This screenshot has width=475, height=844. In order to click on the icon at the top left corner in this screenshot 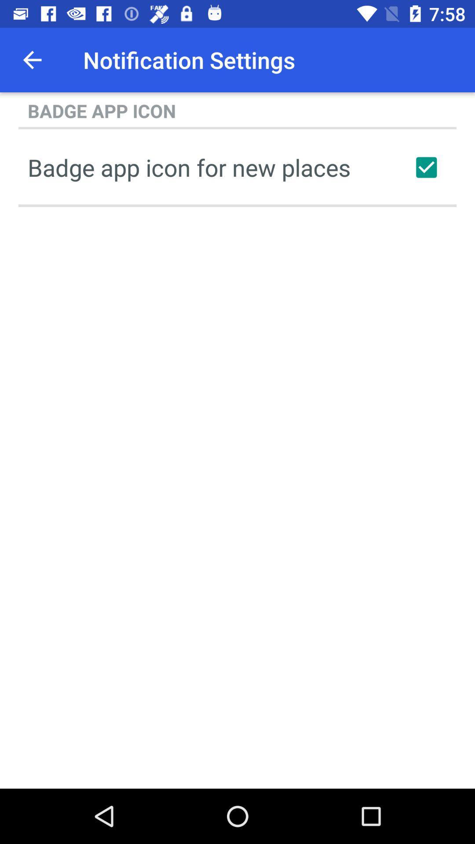, I will do `click(32, 59)`.